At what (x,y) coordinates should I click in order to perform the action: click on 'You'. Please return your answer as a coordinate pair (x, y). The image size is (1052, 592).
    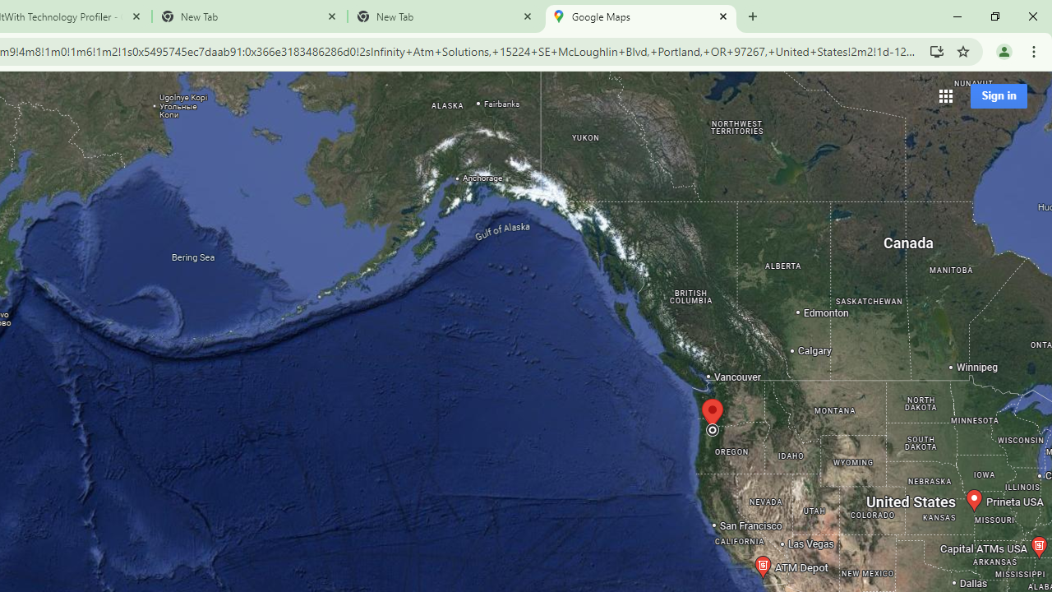
    Looking at the image, I should click on (1003, 50).